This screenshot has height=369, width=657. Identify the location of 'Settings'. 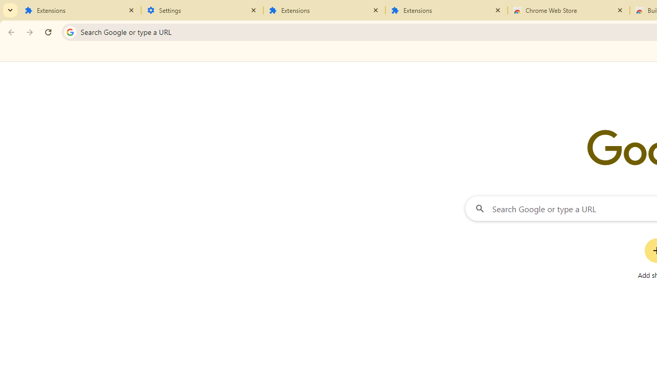
(202, 10).